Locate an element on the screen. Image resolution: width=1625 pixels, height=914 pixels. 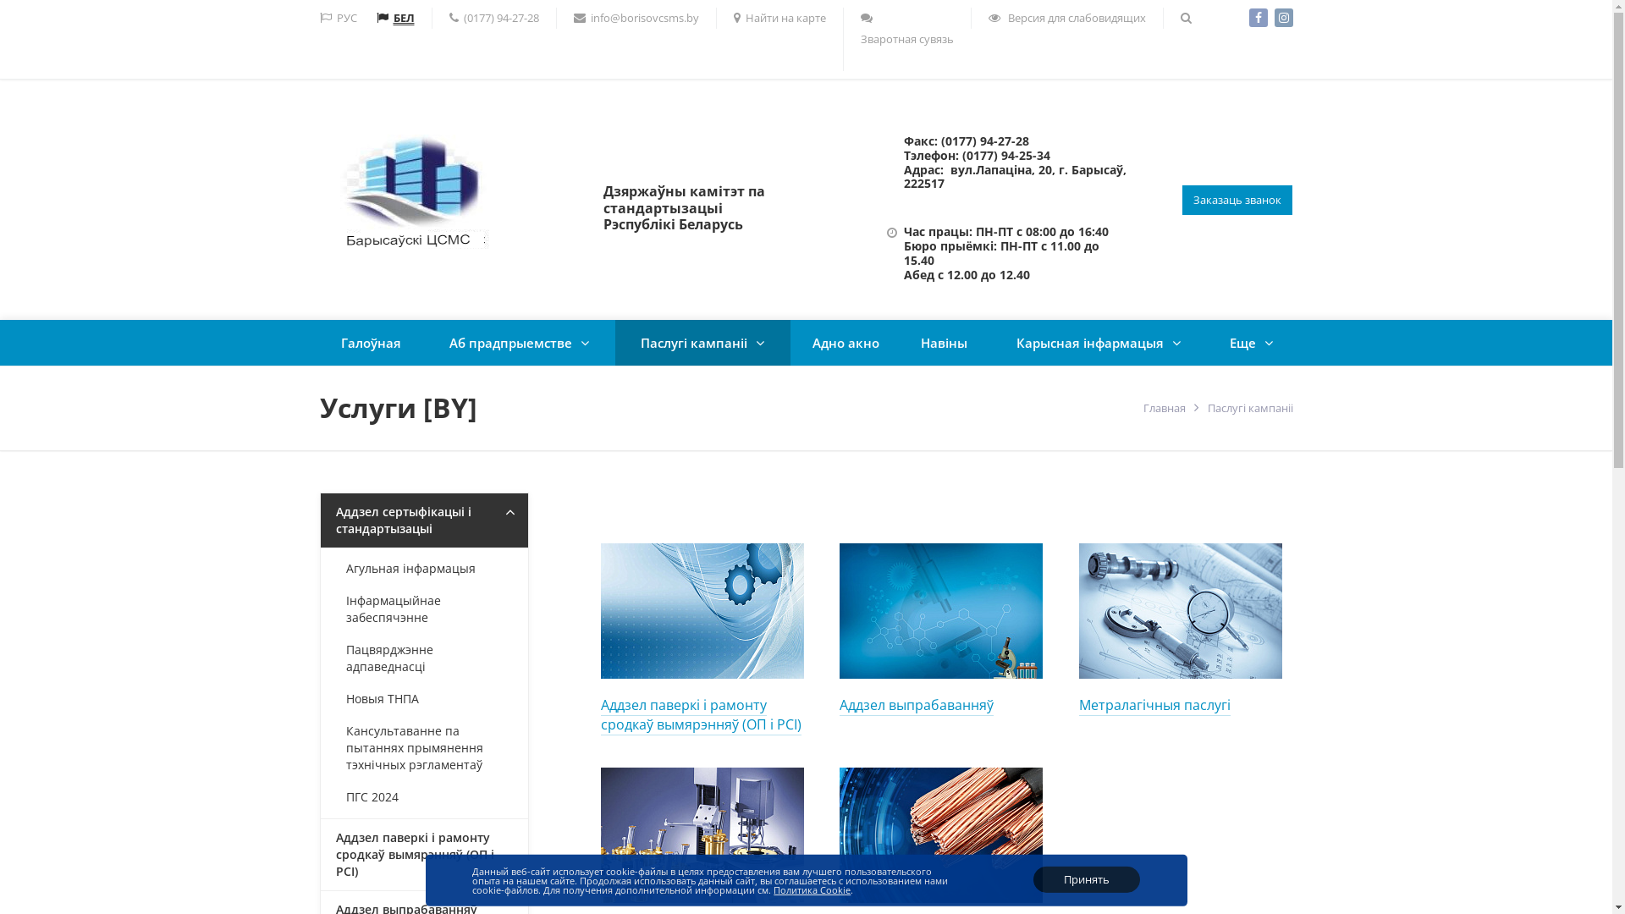
'info@borisovcsms.by' is located at coordinates (636, 18).